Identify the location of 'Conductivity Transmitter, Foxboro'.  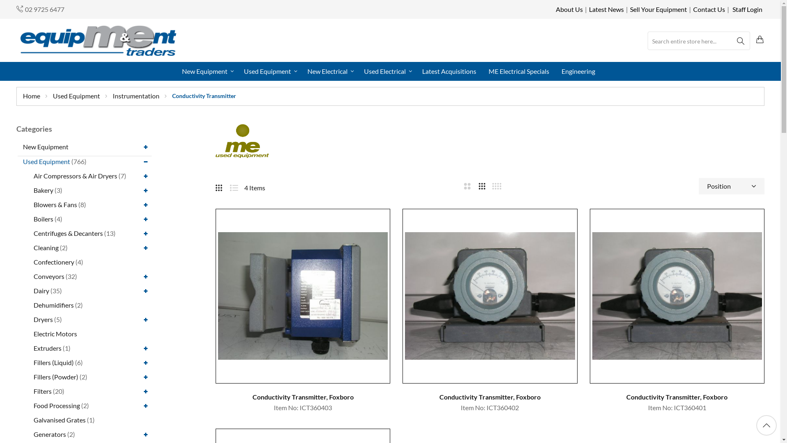
(303, 397).